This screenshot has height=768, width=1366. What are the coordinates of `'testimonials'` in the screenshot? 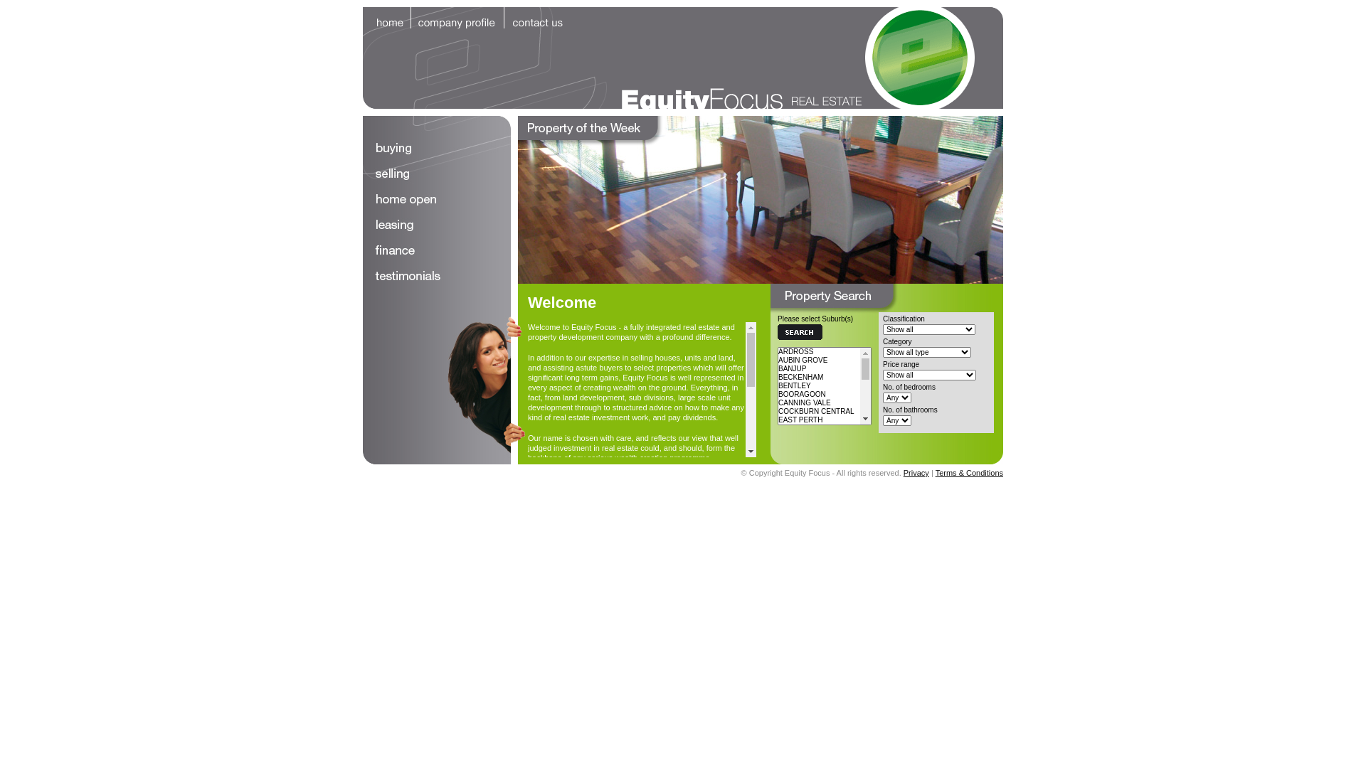 It's located at (436, 277).